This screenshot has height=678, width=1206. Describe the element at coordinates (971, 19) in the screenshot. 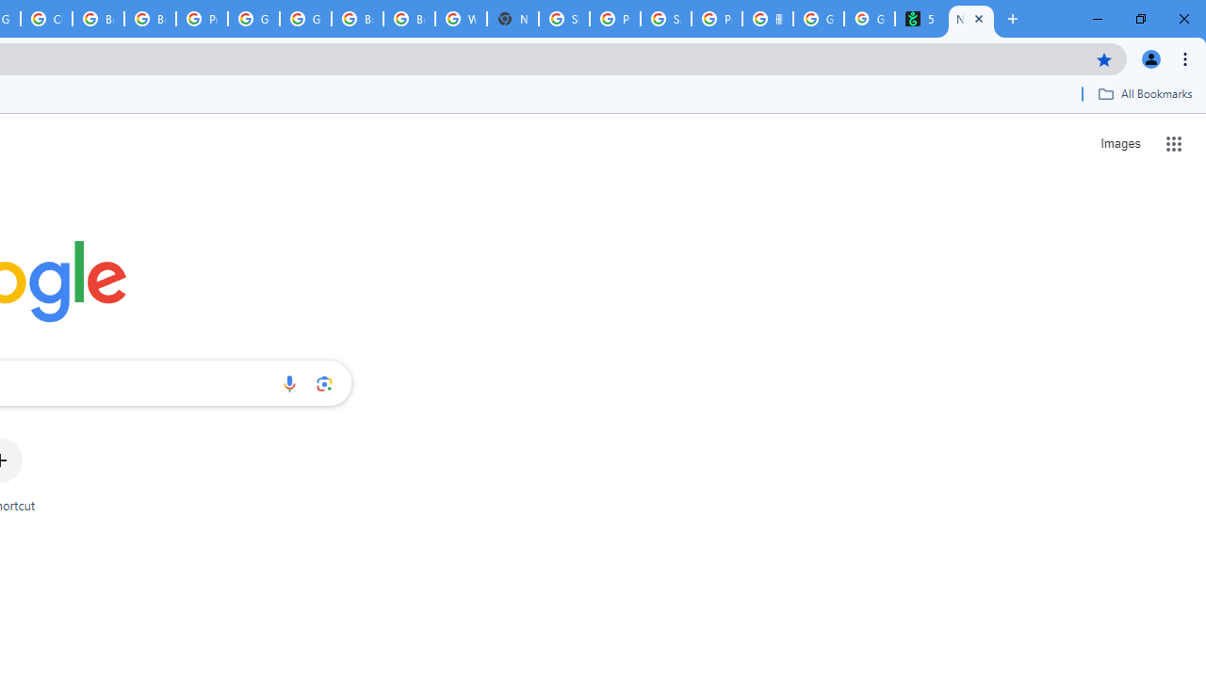

I see `'New Tab'` at that location.